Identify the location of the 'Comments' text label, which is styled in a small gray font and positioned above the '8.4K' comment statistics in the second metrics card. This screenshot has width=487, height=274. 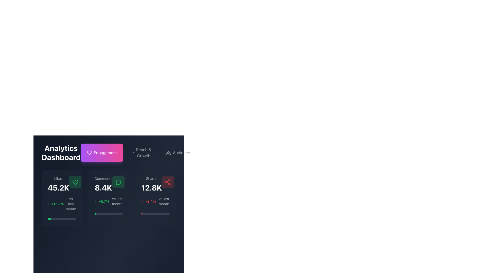
(103, 178).